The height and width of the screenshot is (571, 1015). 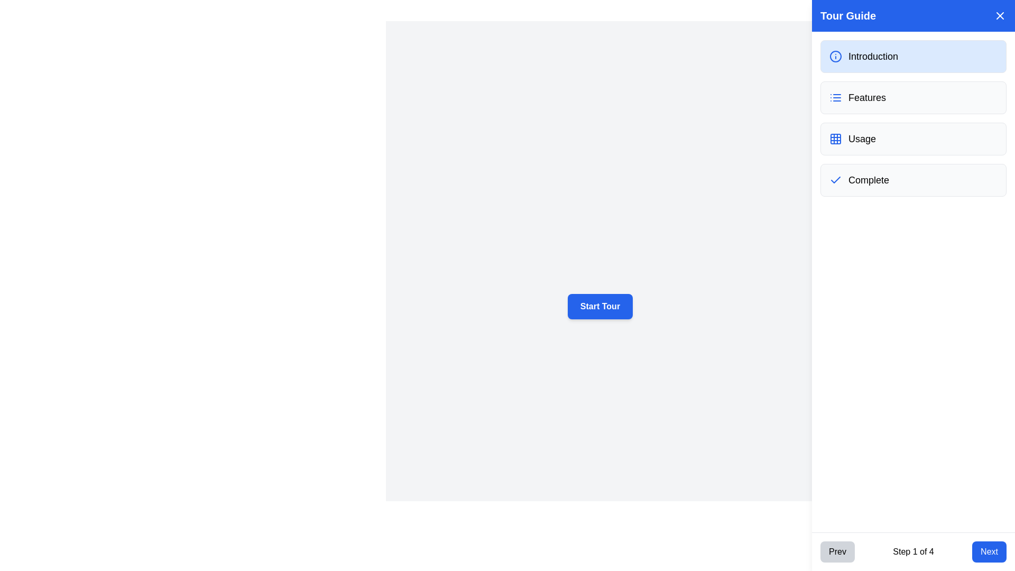 I want to click on the navigation button located at the bottom-left of the interface, which is used to go back to the previous step in the guided process, so click(x=837, y=551).